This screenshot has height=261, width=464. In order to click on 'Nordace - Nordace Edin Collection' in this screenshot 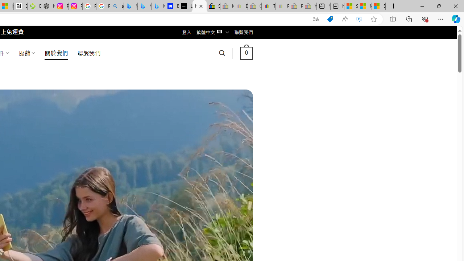, I will do `click(47, 6)`.